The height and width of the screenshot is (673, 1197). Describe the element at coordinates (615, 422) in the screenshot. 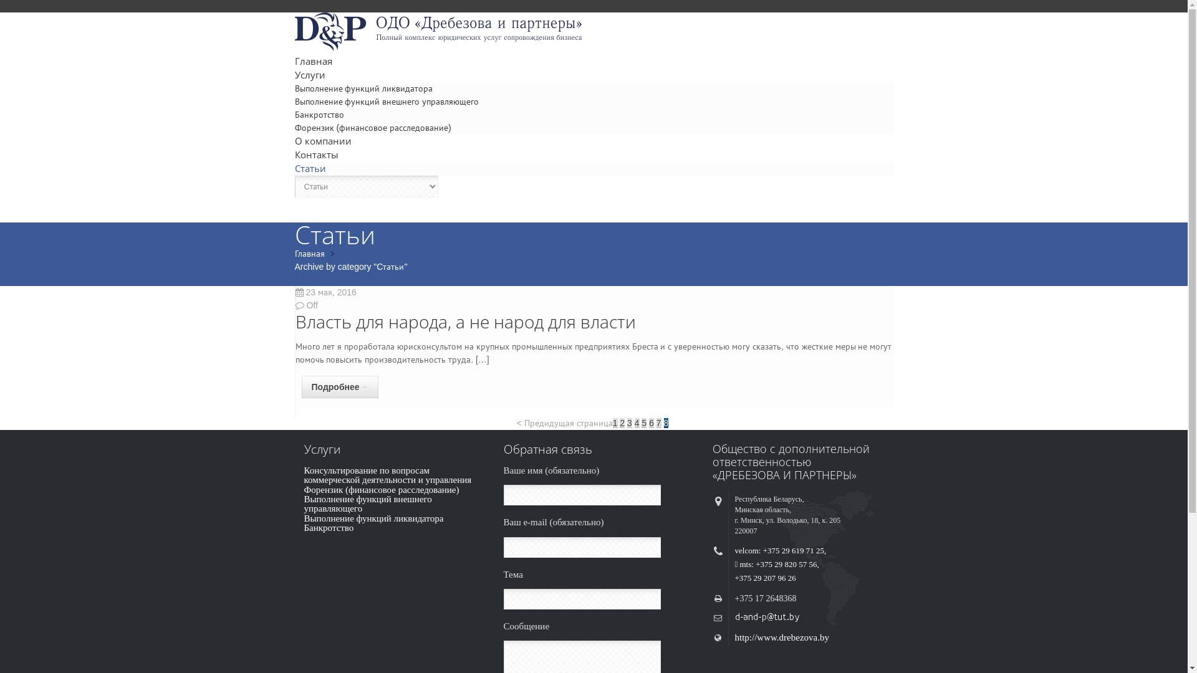

I see `'1'` at that location.